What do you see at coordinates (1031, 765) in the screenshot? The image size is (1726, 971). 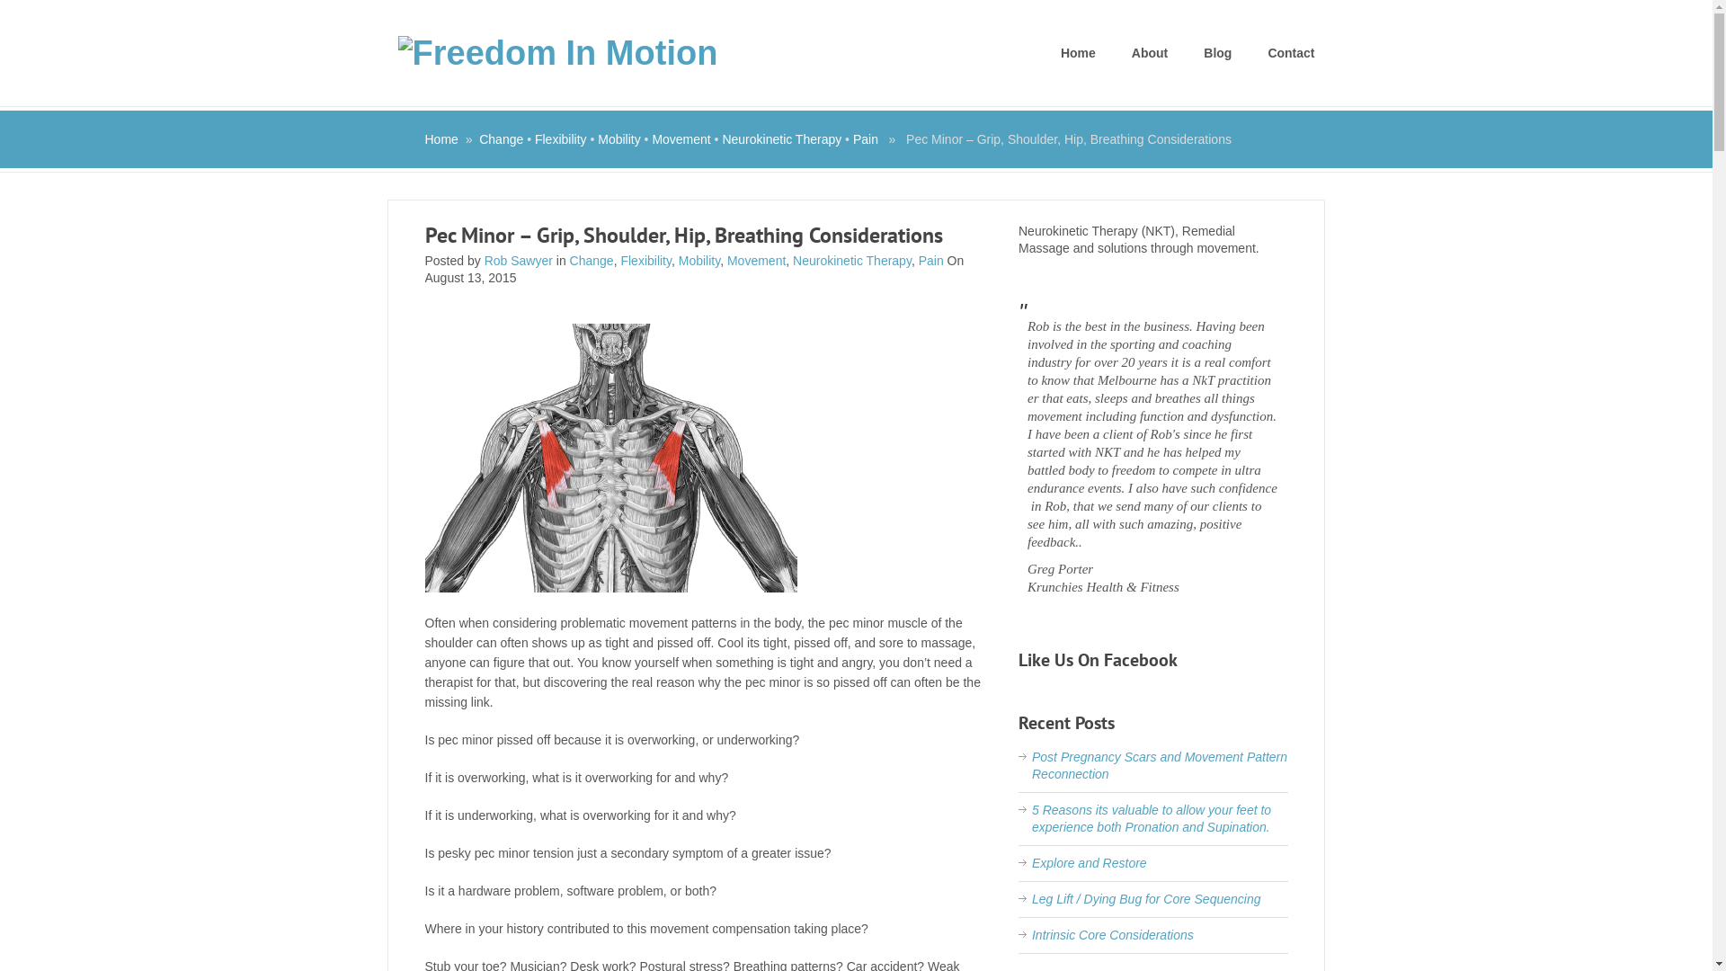 I see `'Post Pregnancy Scars and Movement Pattern Reconnection'` at bounding box center [1031, 765].